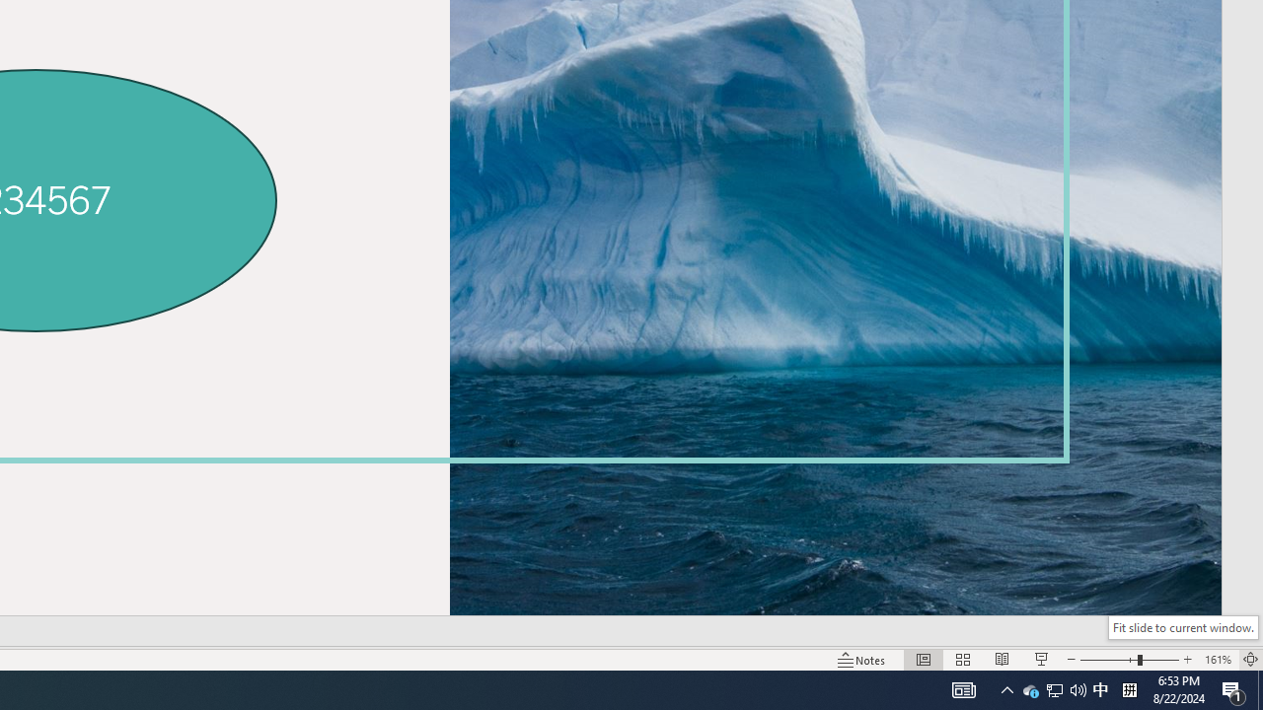  I want to click on 'Slide Sorter', so click(963, 660).